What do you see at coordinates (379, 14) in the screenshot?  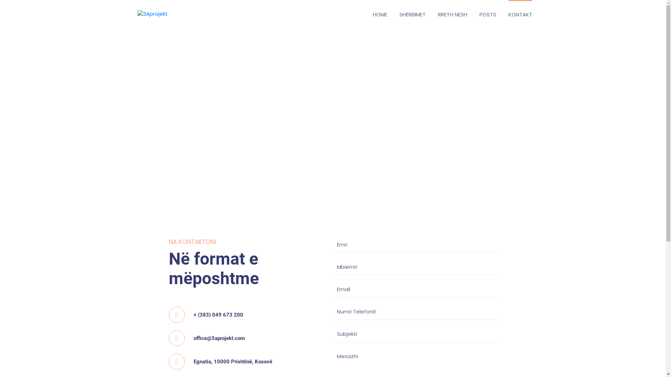 I see `'HOME'` at bounding box center [379, 14].